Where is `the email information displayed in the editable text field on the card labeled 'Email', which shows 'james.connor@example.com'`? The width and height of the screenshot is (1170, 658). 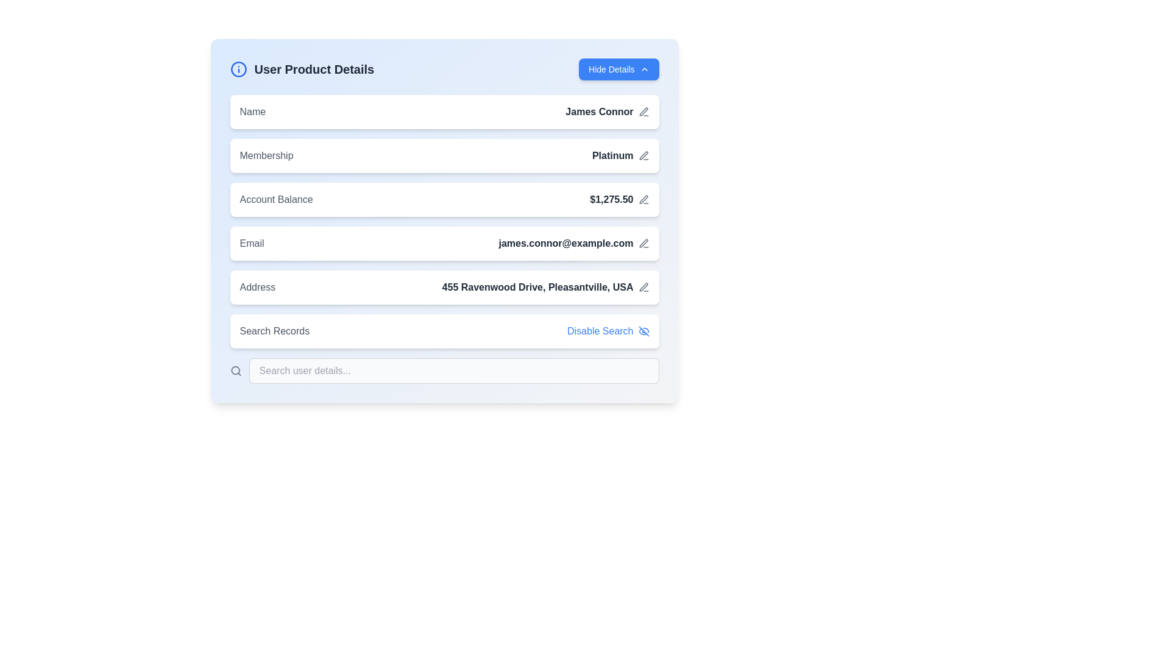
the email information displayed in the editable text field on the card labeled 'Email', which shows 'james.connor@example.com' is located at coordinates (444, 244).